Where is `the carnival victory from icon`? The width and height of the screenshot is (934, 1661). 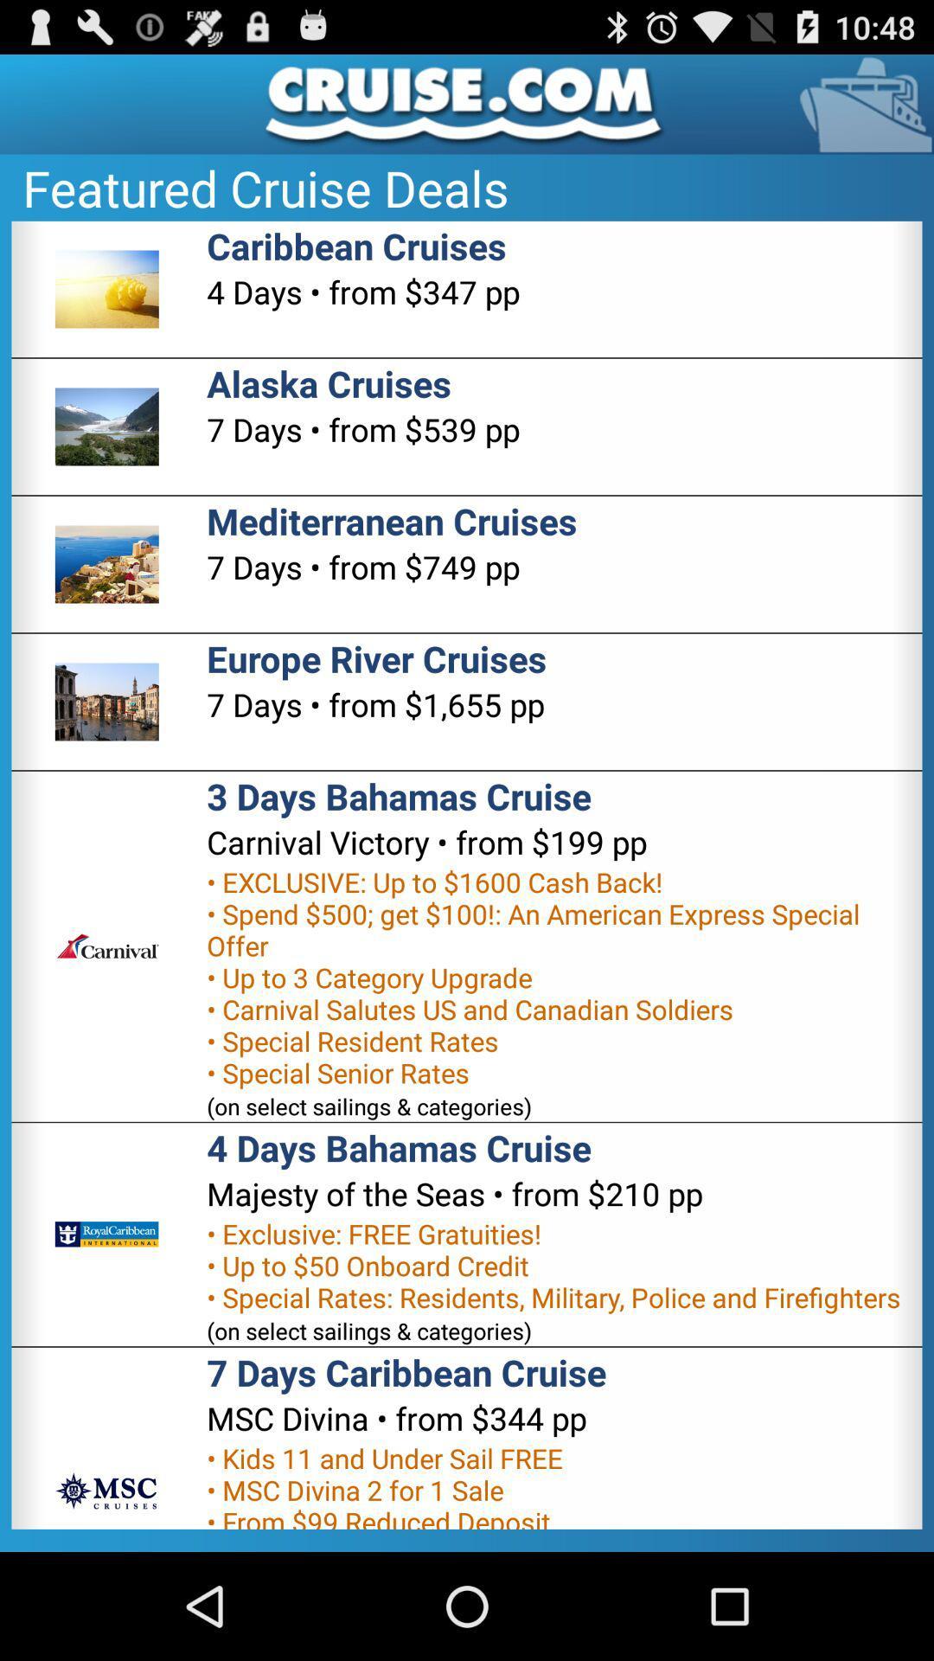
the carnival victory from icon is located at coordinates (426, 842).